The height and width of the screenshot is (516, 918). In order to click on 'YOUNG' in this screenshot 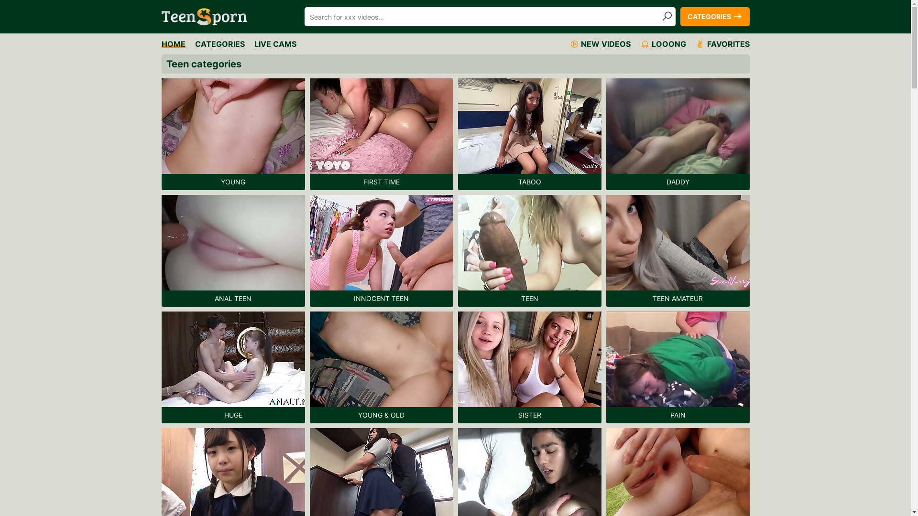, I will do `click(233, 134)`.